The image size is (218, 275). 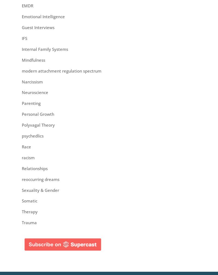 I want to click on 'Internal Family Systems', so click(x=45, y=49).